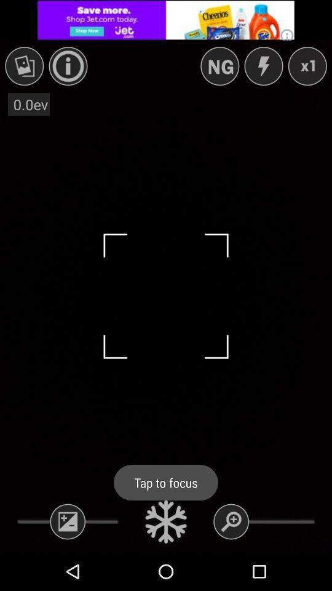  What do you see at coordinates (166, 521) in the screenshot?
I see `the settings icon` at bounding box center [166, 521].